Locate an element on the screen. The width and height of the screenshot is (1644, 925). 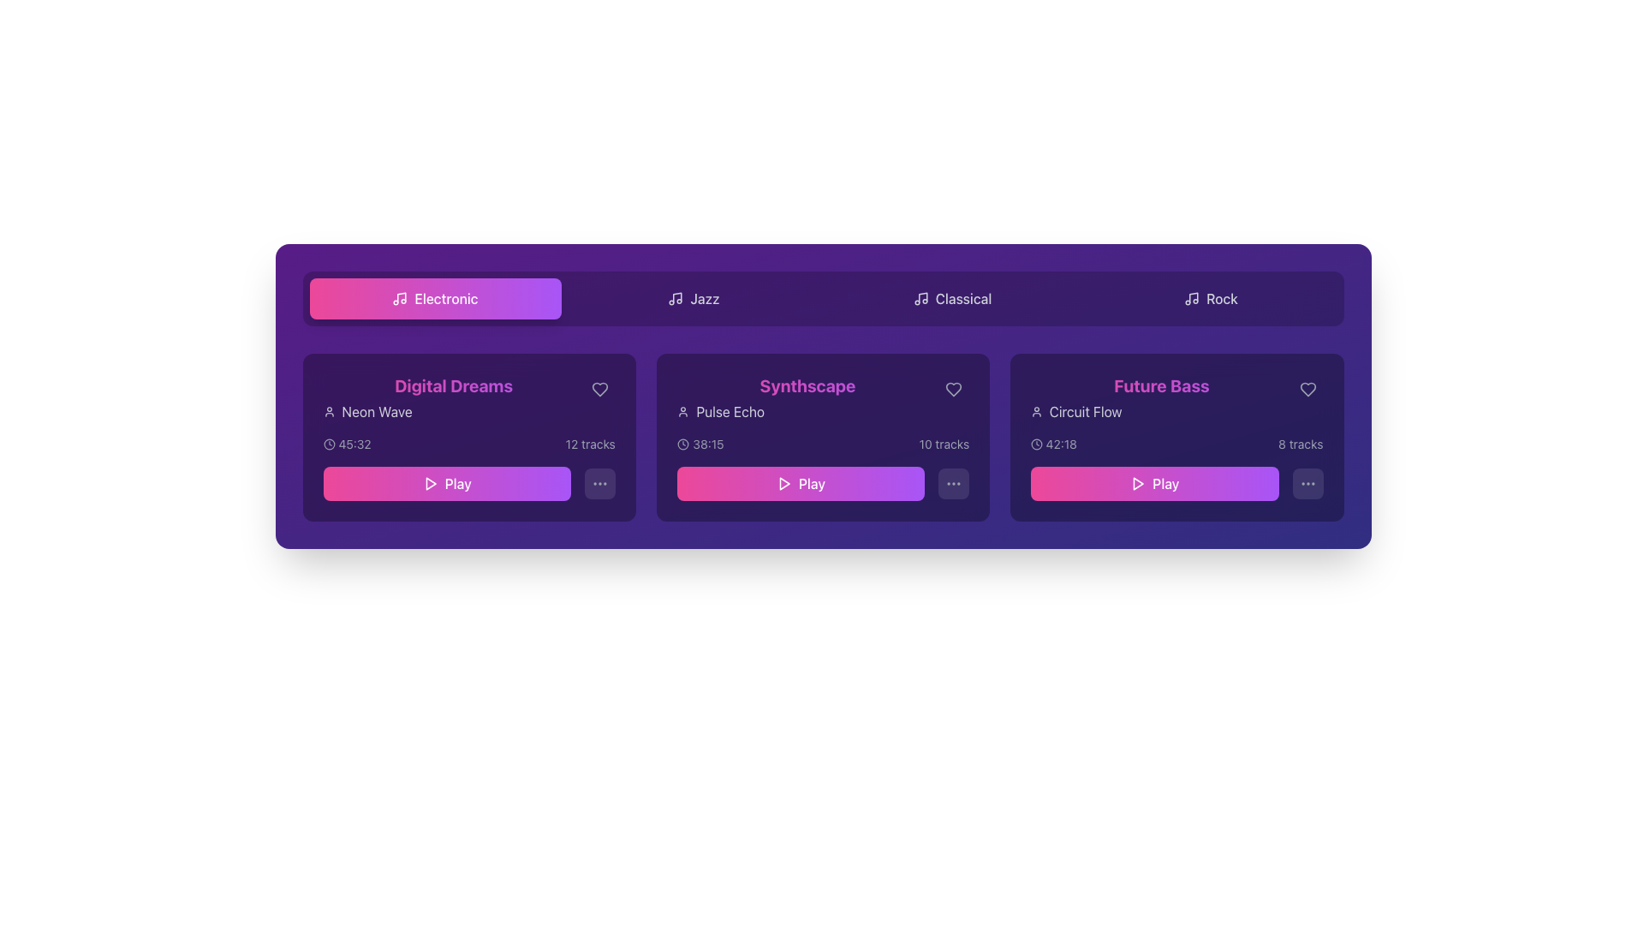
text label representing the music category 'Future Bass', located at the center of the third music card from the left, above the play button and adjacent to 'Circuit Flow' is located at coordinates (1161, 386).